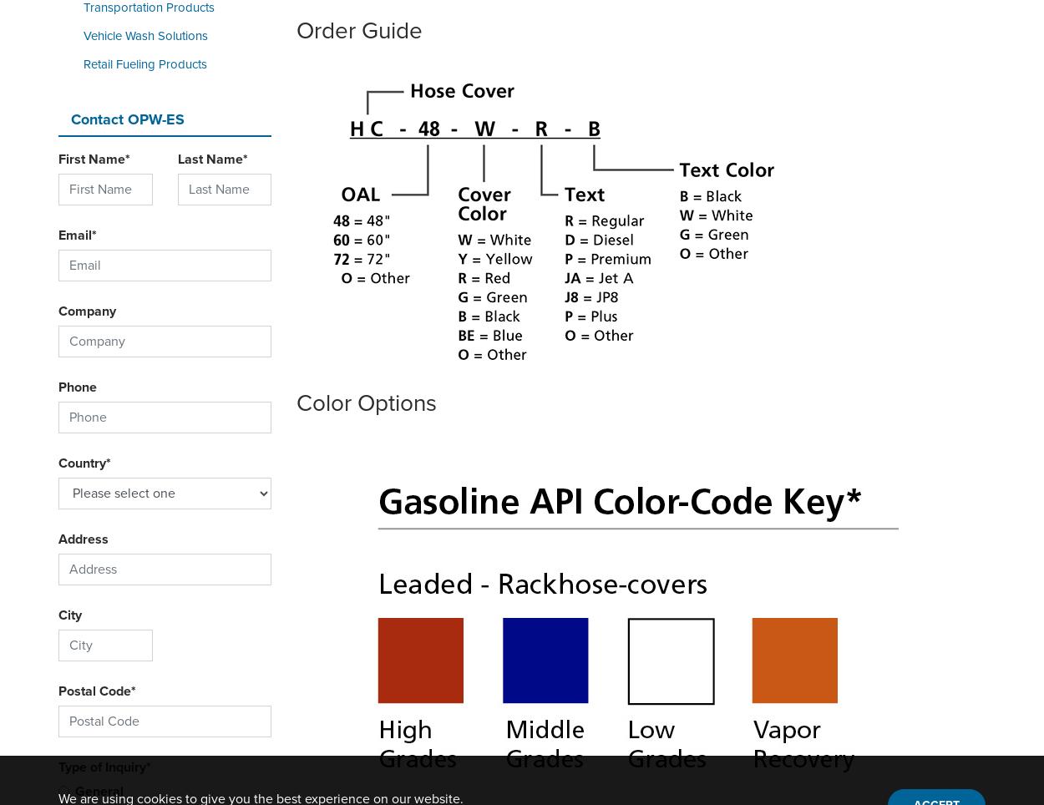 This screenshot has width=1044, height=805. I want to click on 'Vehicle Wash Solutions', so click(145, 35).